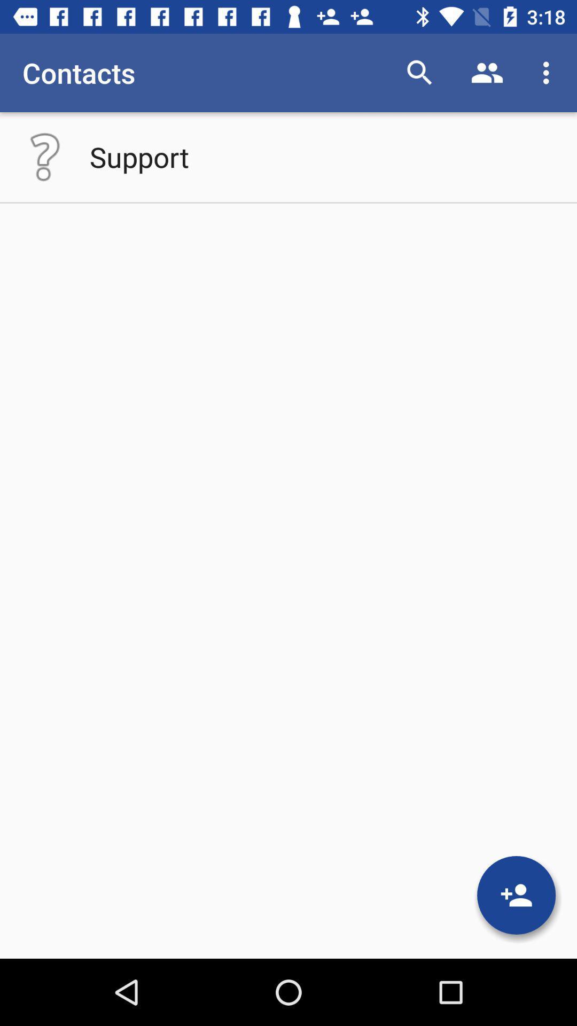 The height and width of the screenshot is (1026, 577). What do you see at coordinates (44, 156) in the screenshot?
I see `icon next to the support app` at bounding box center [44, 156].